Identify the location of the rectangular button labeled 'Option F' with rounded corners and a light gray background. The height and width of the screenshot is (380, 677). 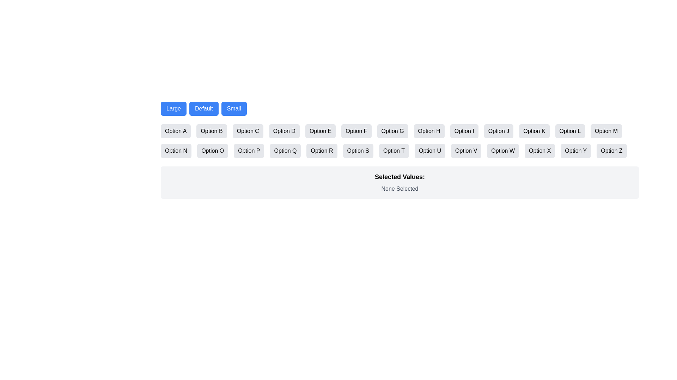
(356, 131).